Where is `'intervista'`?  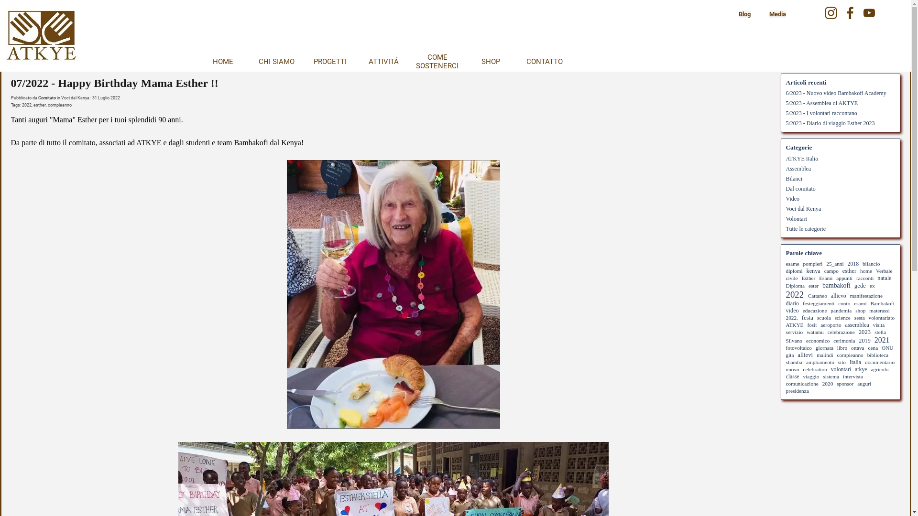
'intervista' is located at coordinates (853, 376).